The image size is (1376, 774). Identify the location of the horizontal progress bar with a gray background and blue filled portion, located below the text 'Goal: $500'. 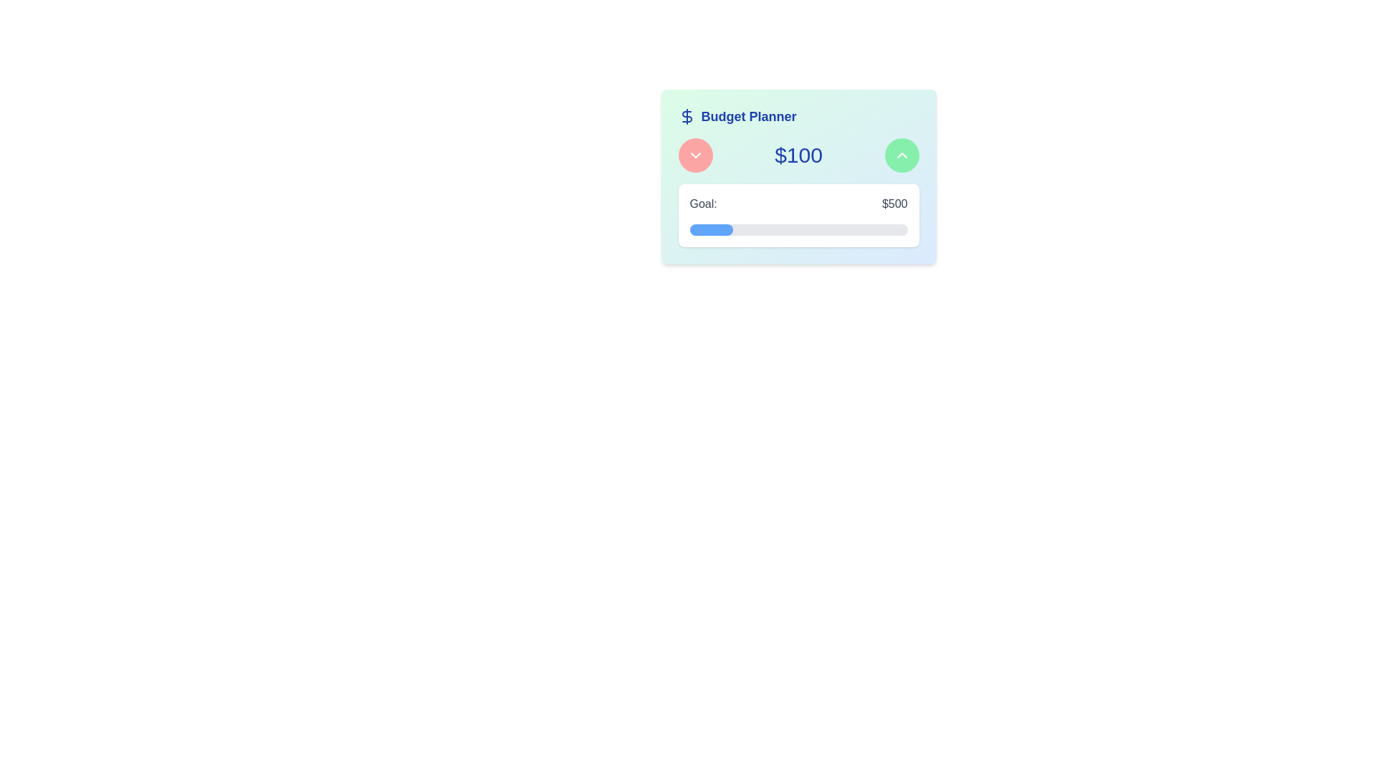
(798, 229).